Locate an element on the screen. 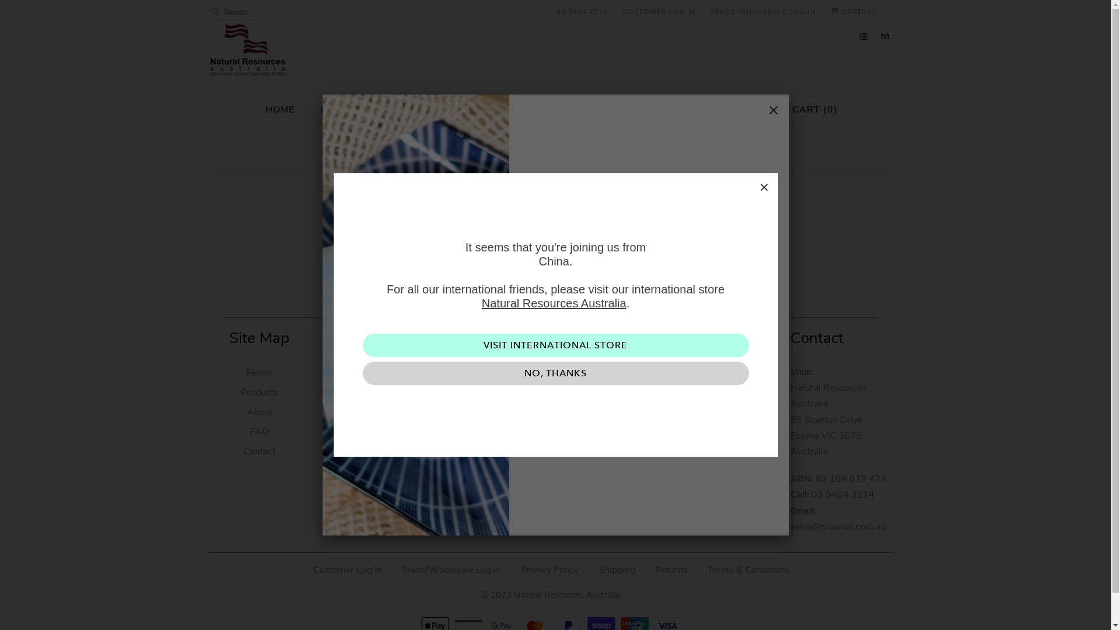  'HOME' is located at coordinates (279, 110).